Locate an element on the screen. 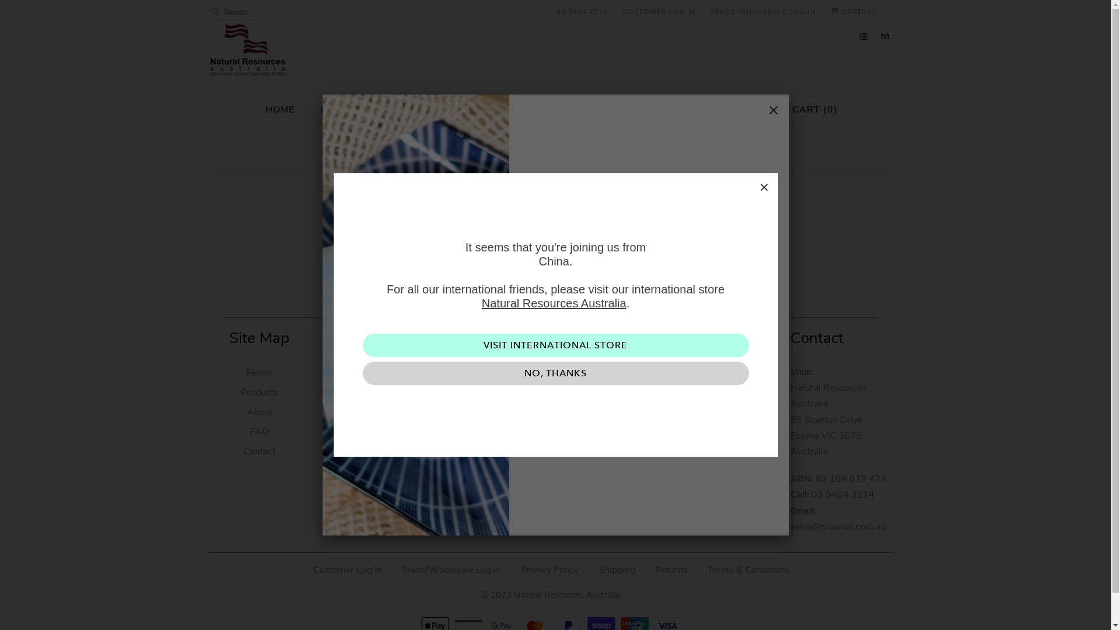  'HOME' is located at coordinates (279, 110).